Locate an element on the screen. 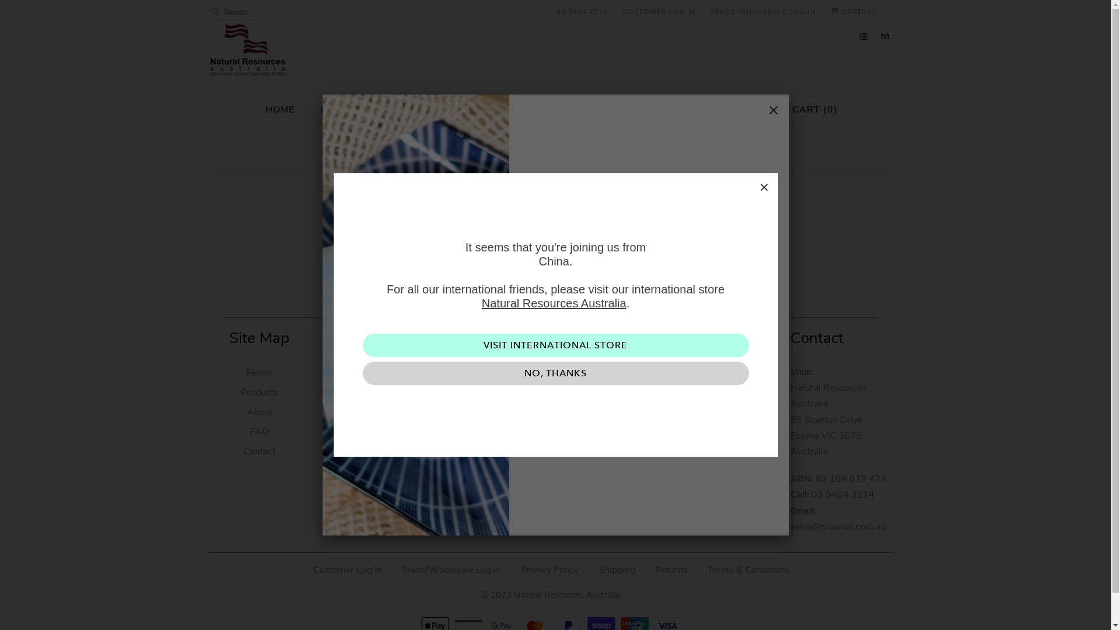  'HOME' is located at coordinates (279, 110).